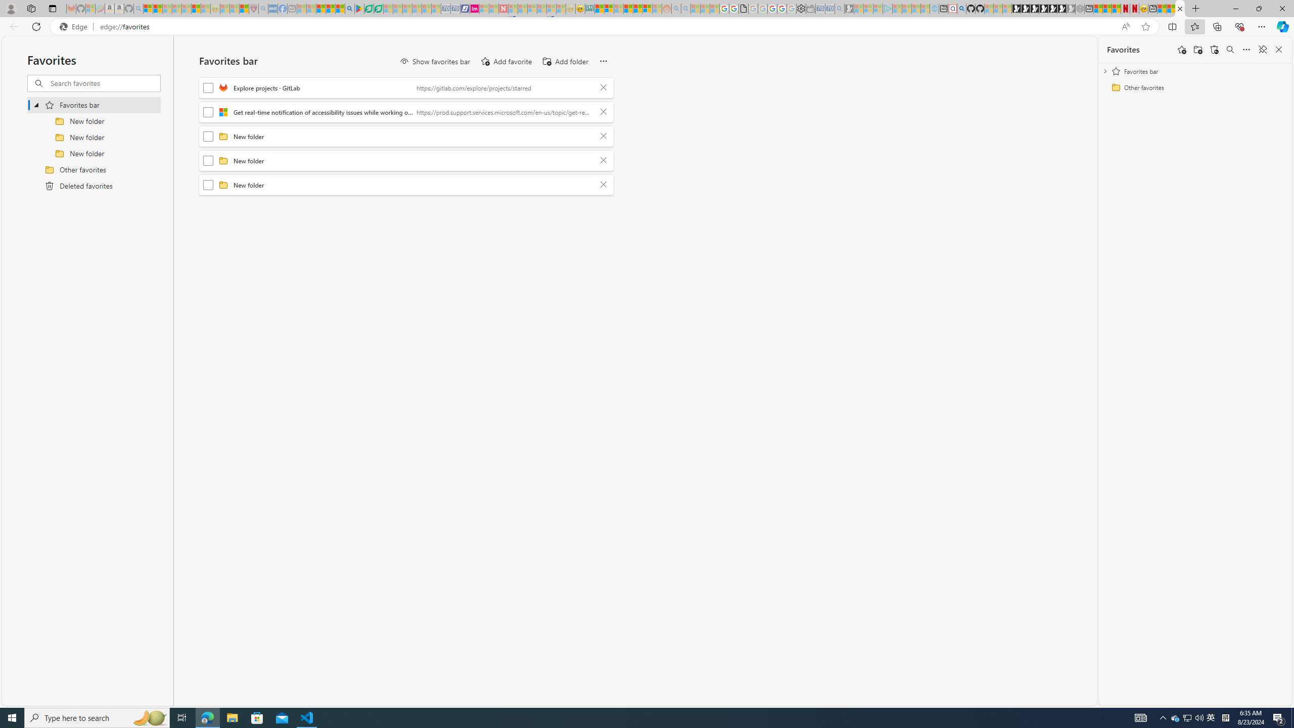 The image size is (1294, 728). Describe the element at coordinates (628, 8) in the screenshot. I see `'Expert Portfolios'` at that location.